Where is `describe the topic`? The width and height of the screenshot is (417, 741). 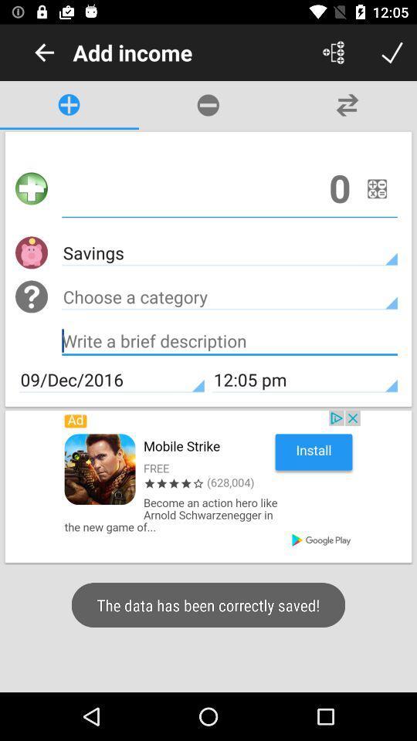 describe the topic is located at coordinates (229, 343).